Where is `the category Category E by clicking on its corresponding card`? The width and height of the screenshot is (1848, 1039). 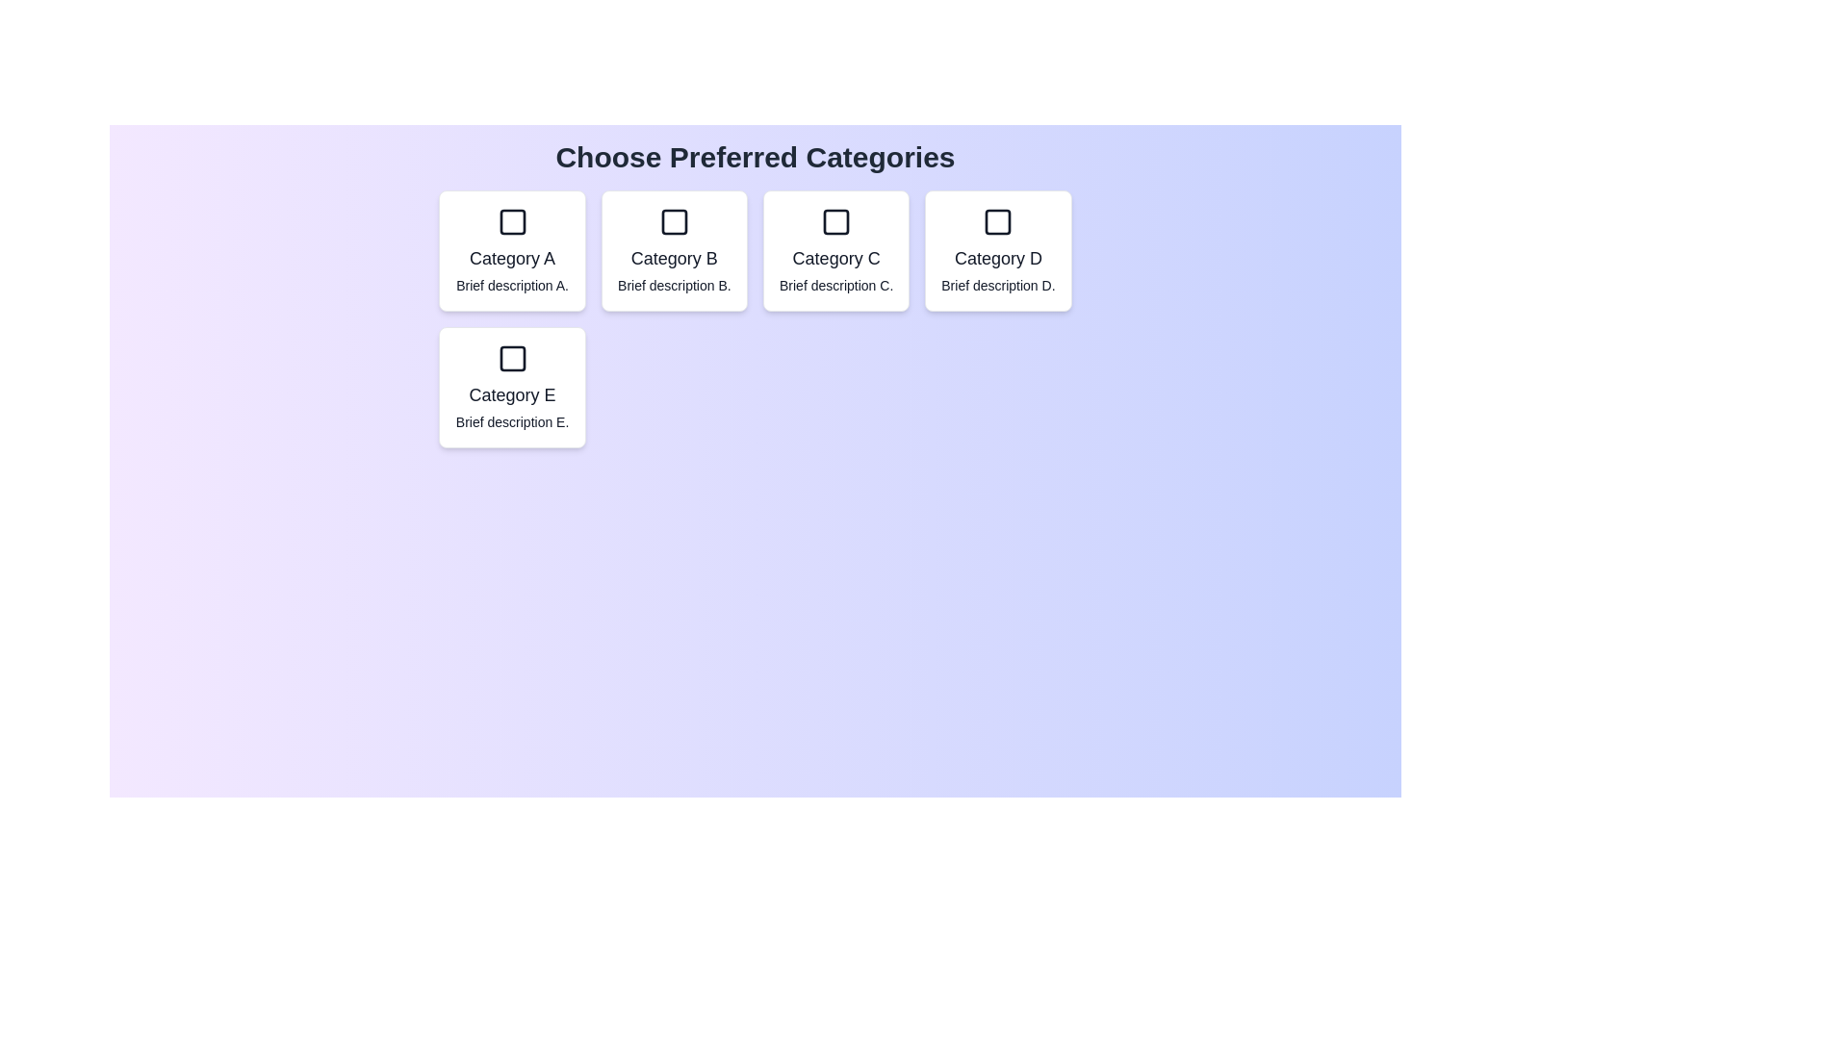 the category Category E by clicking on its corresponding card is located at coordinates (512, 387).